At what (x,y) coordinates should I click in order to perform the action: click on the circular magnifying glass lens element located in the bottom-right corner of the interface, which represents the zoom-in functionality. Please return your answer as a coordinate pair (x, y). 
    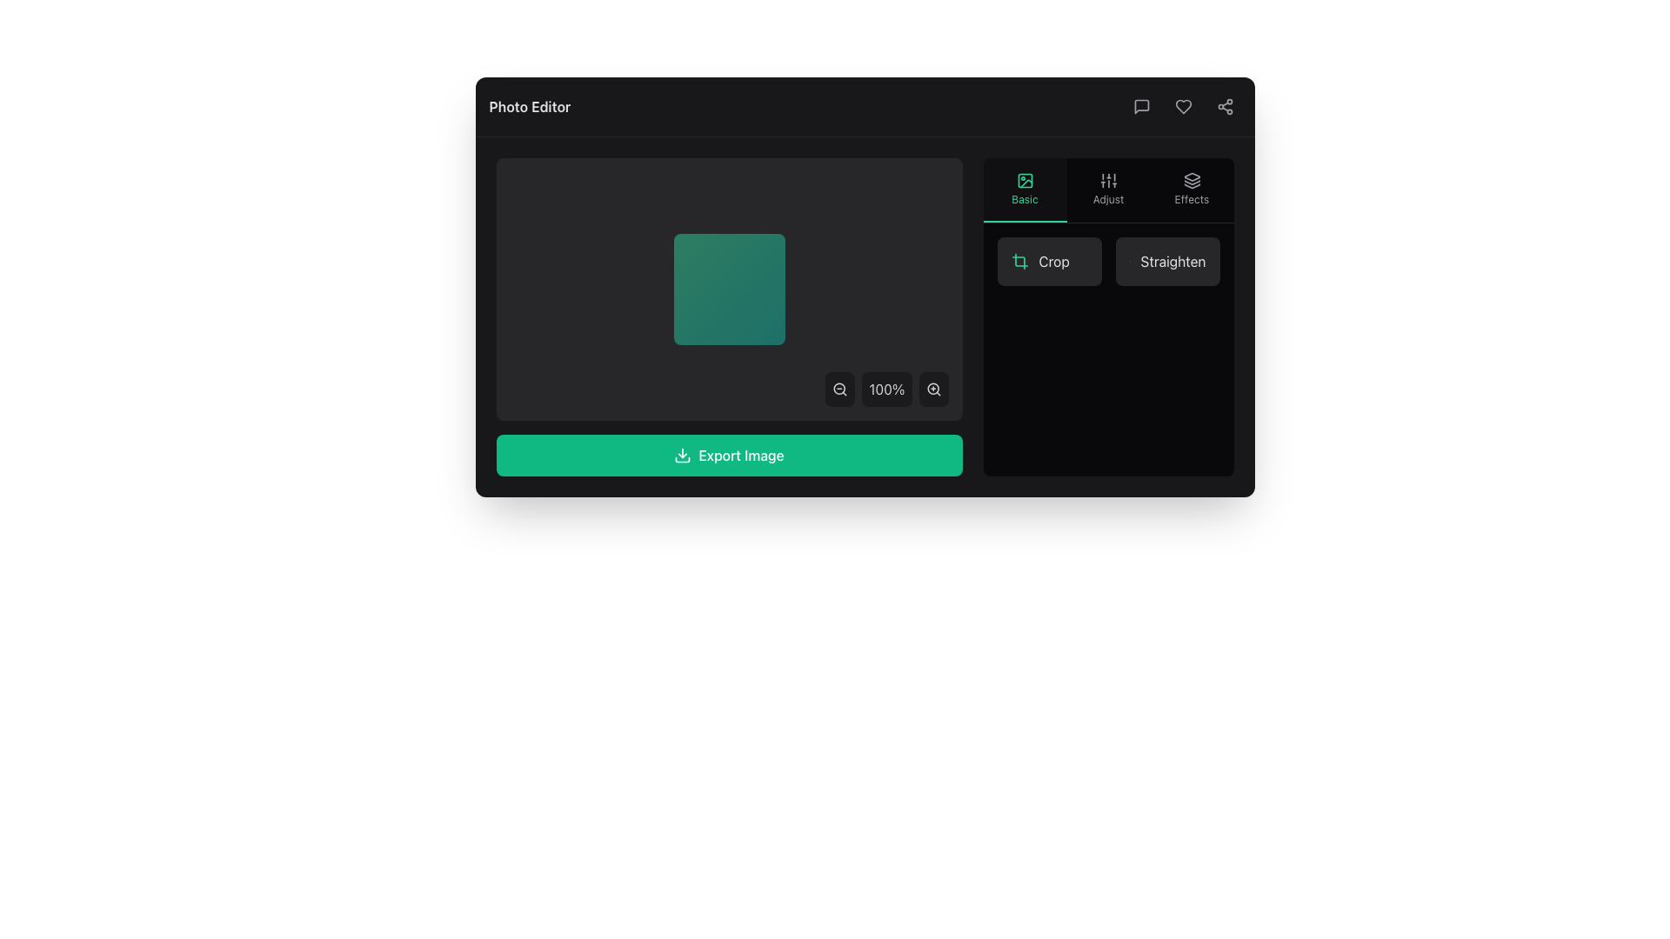
    Looking at the image, I should click on (932, 387).